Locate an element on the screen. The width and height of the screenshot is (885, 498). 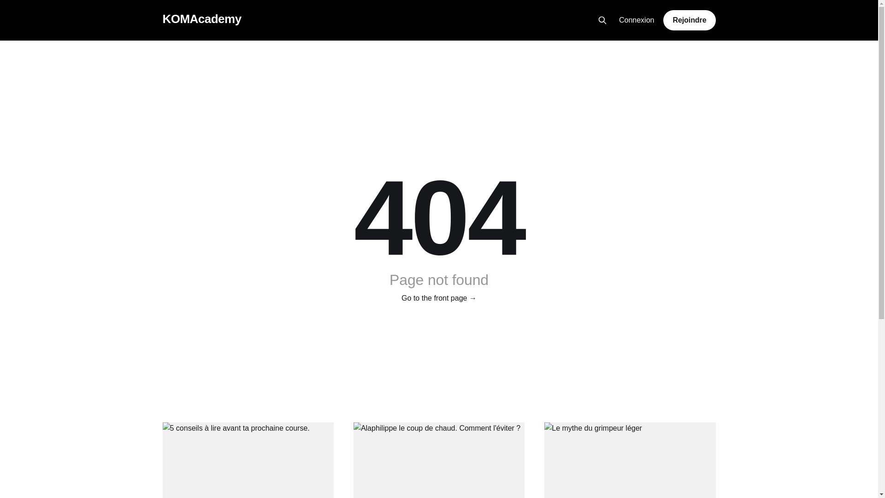
'Connexion' is located at coordinates (636, 20).